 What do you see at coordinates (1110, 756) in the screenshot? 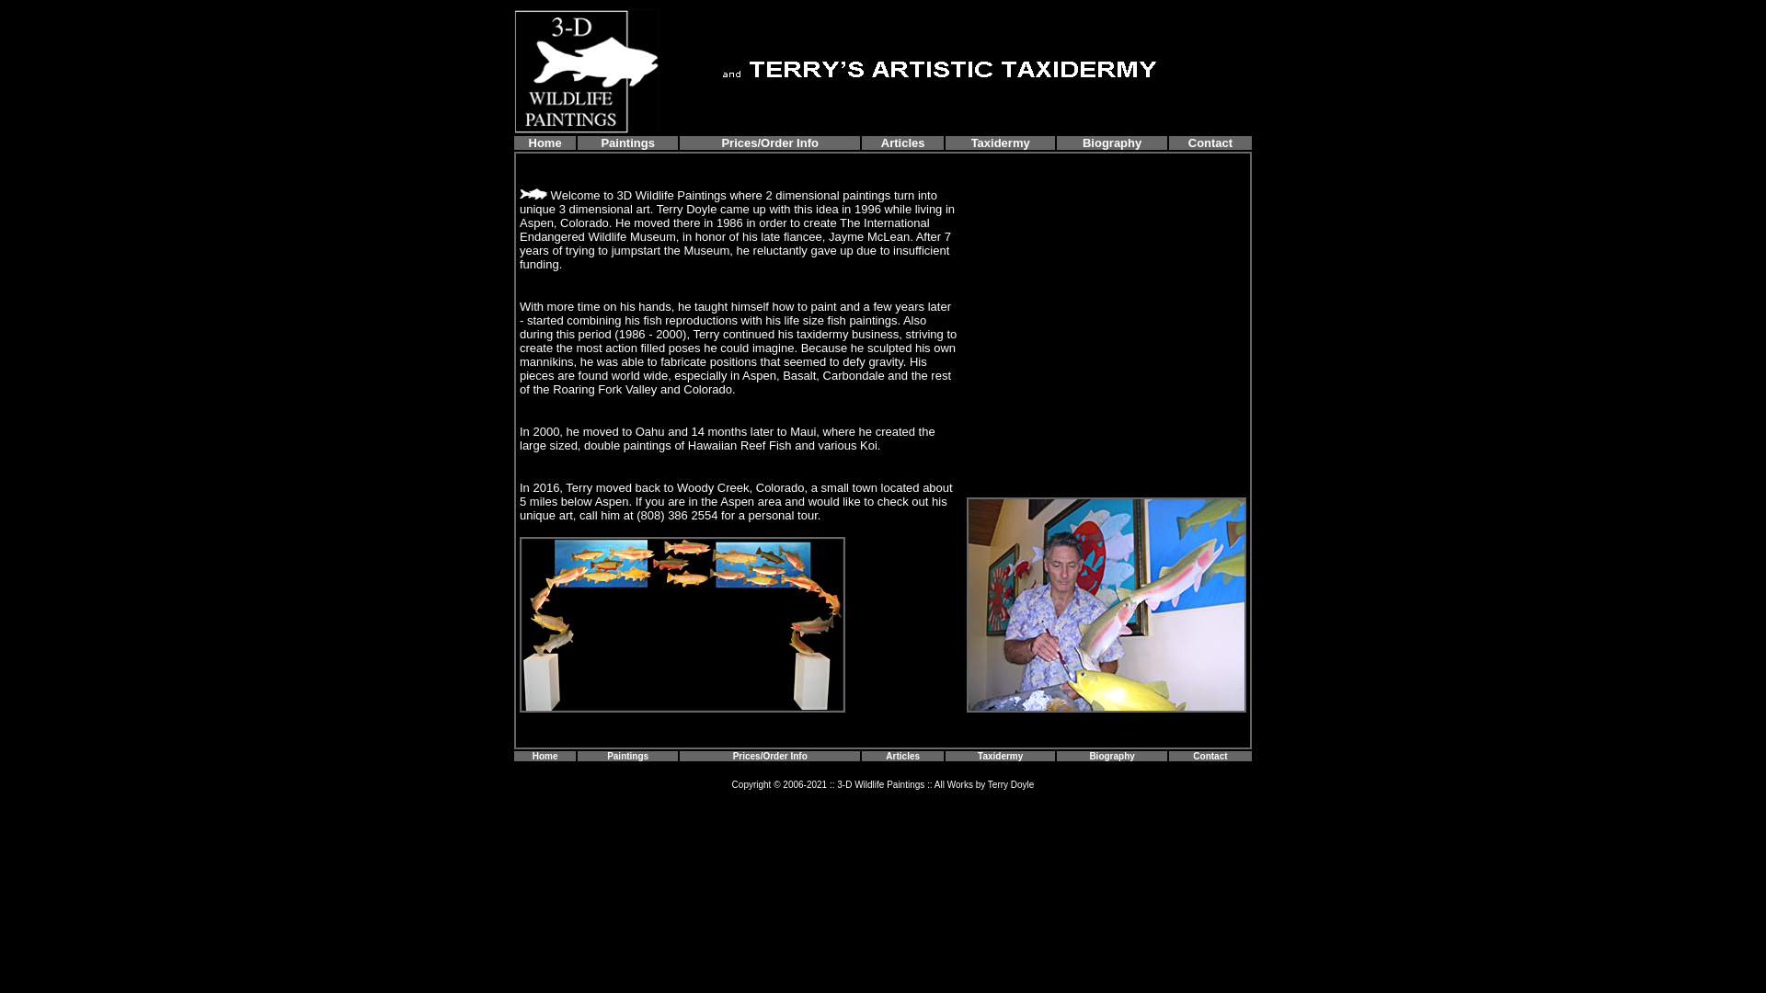
I see `'Biography'` at bounding box center [1110, 756].